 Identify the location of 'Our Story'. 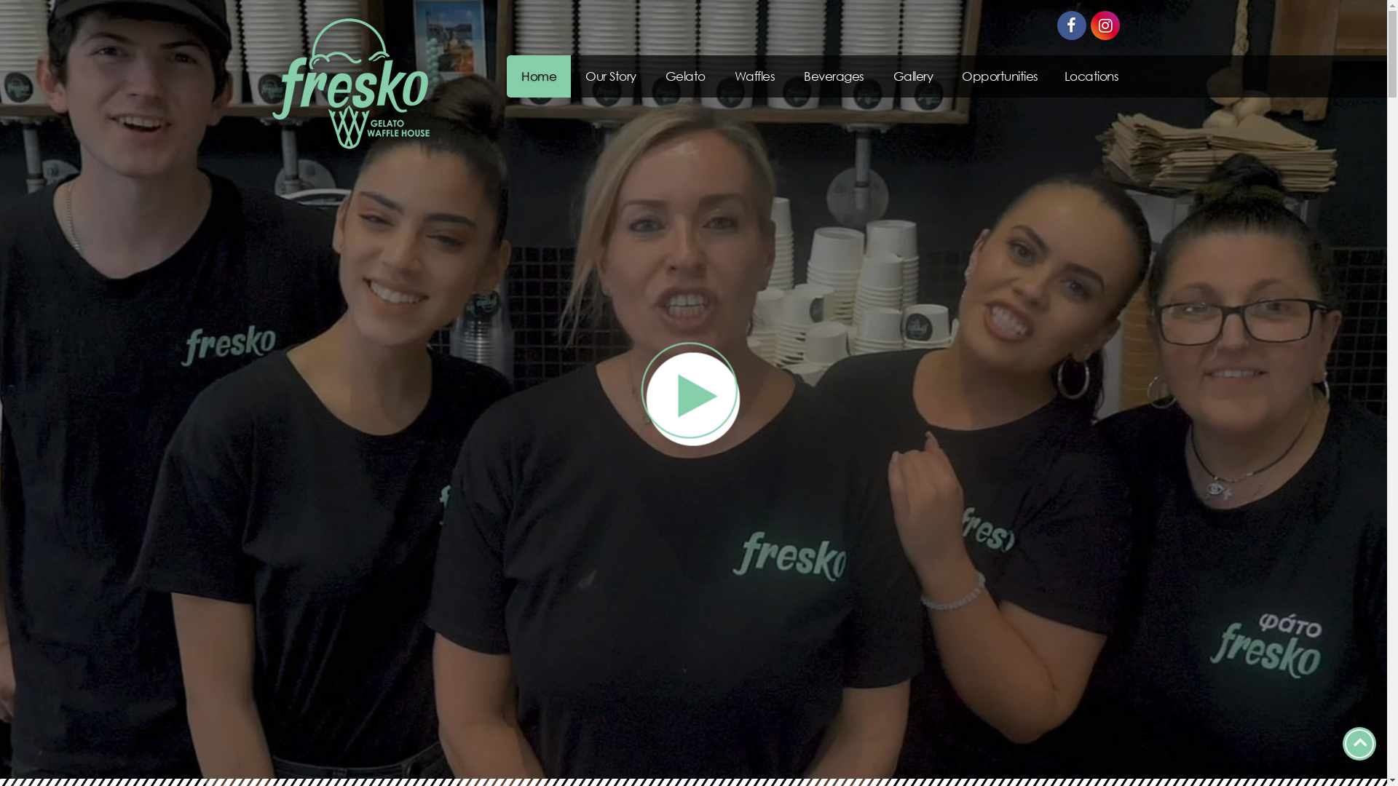
(611, 76).